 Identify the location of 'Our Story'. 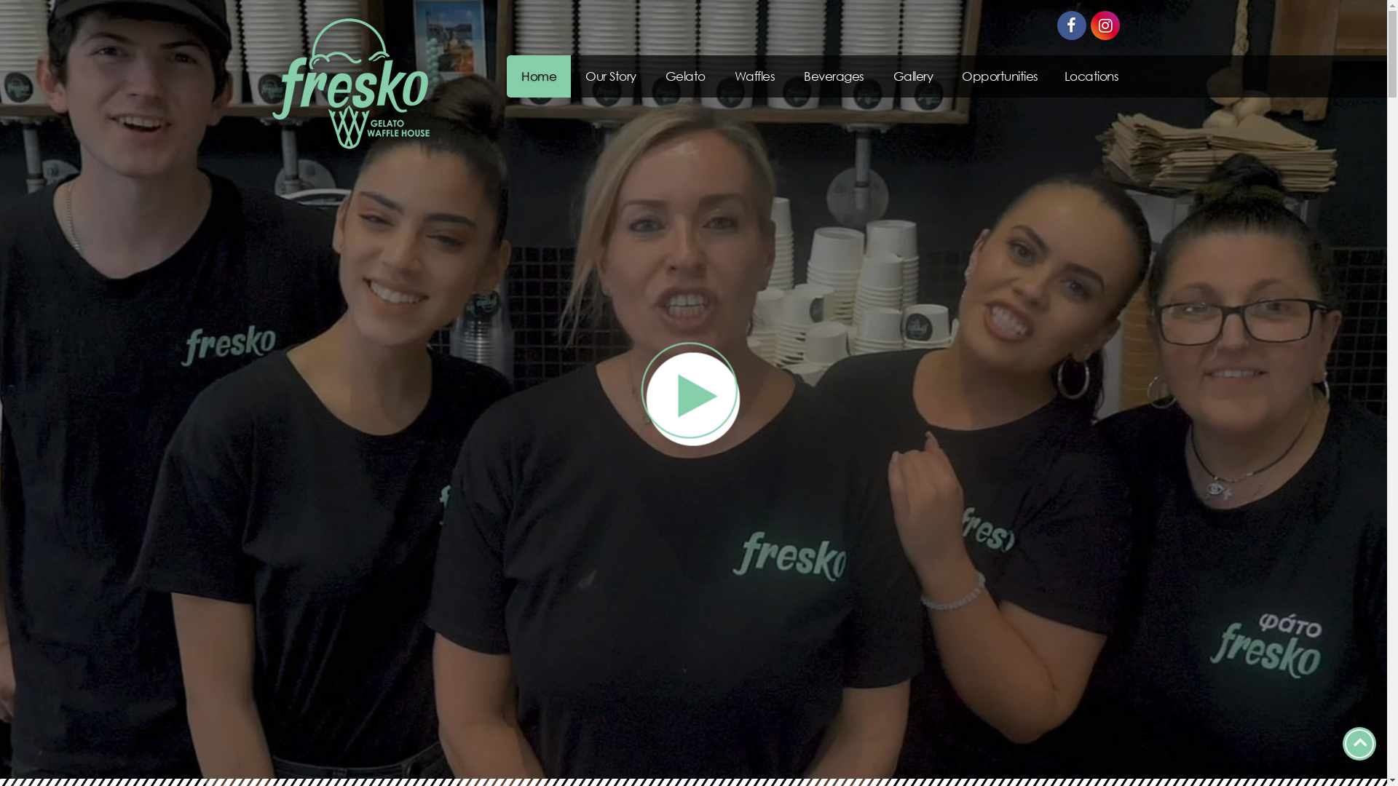
(611, 76).